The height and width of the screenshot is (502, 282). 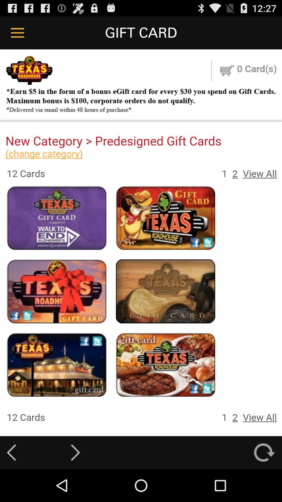 I want to click on next page, so click(x=75, y=452).